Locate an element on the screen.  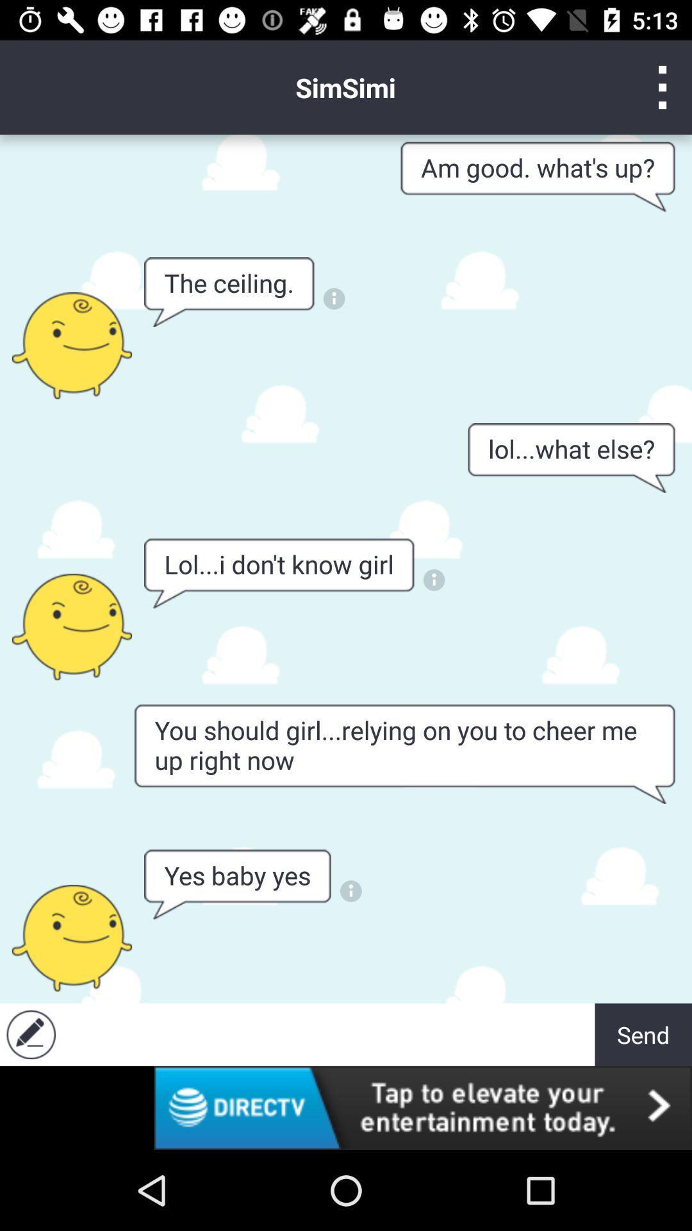
reply is located at coordinates (30, 1034).